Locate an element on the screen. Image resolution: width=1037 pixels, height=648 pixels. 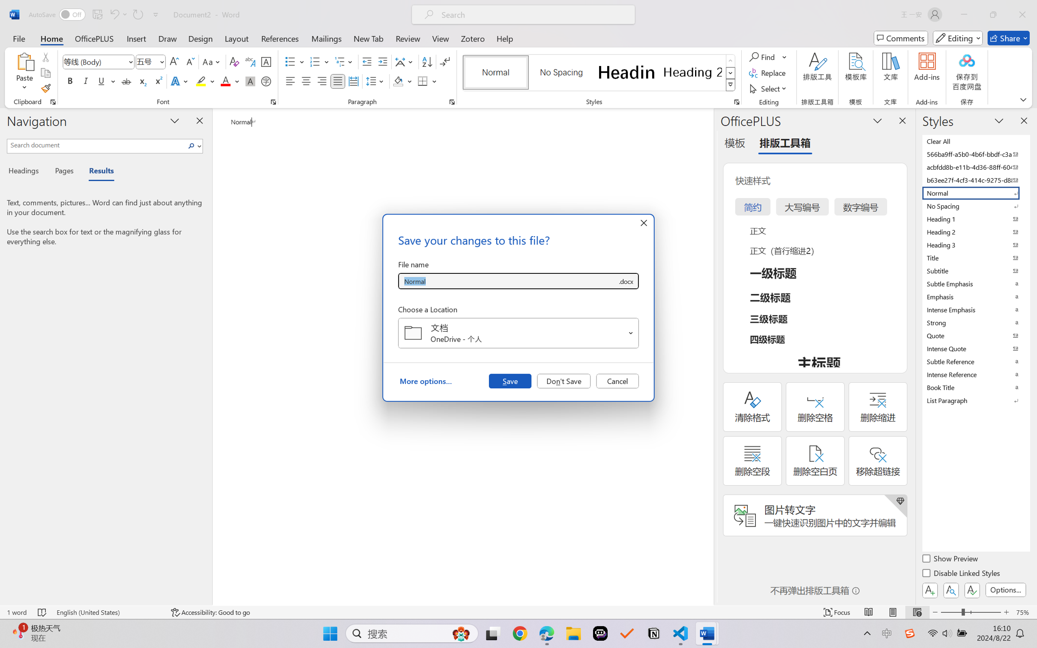
'Emphasis' is located at coordinates (975, 297).